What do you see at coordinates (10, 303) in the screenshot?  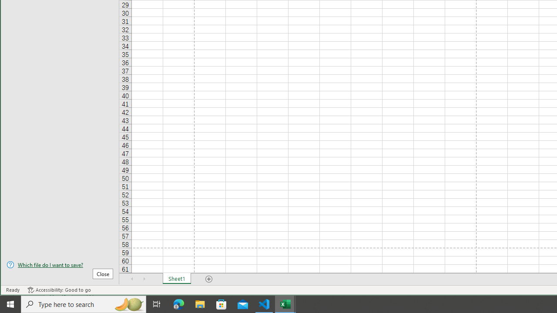 I see `'Start'` at bounding box center [10, 303].